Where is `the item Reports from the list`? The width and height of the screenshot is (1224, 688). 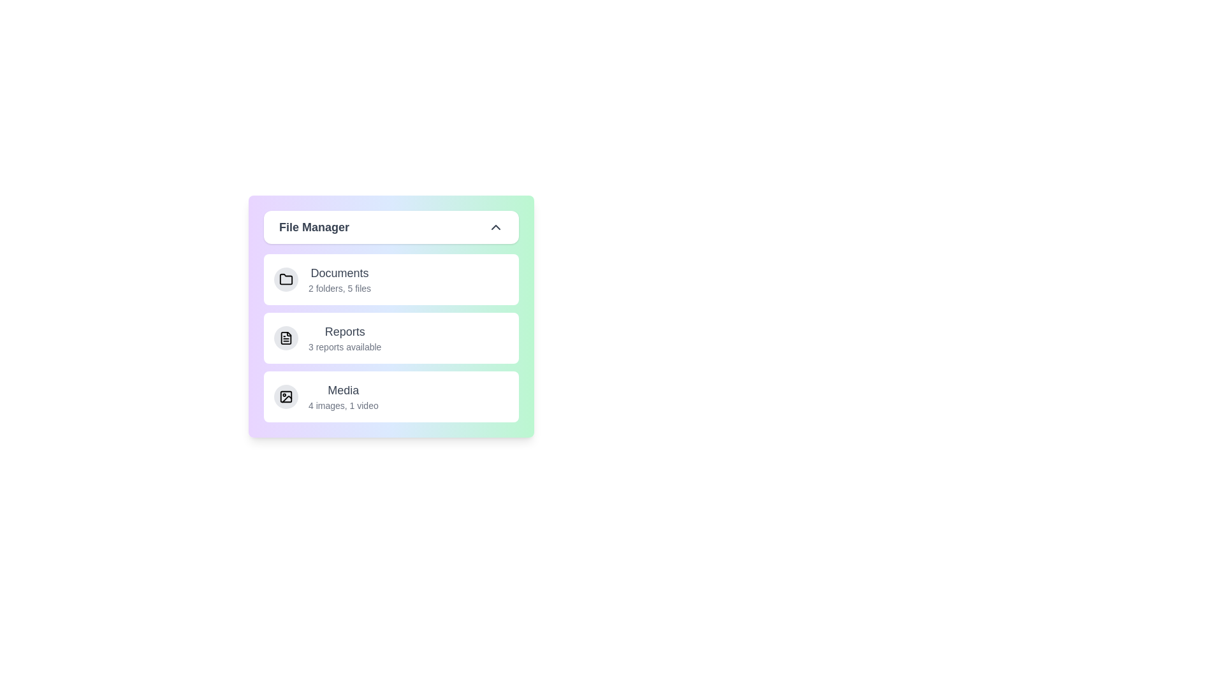
the item Reports from the list is located at coordinates (391, 338).